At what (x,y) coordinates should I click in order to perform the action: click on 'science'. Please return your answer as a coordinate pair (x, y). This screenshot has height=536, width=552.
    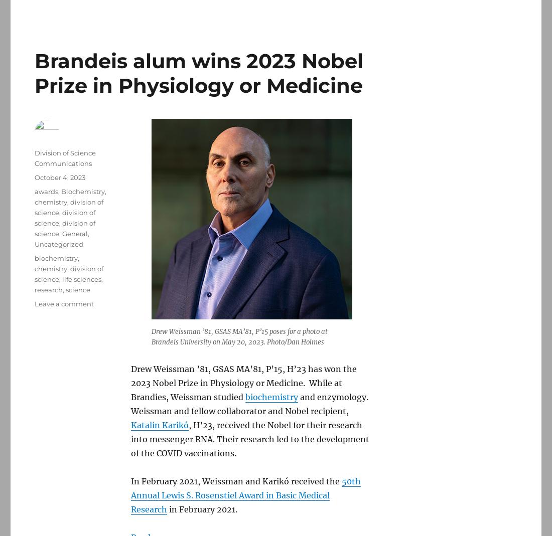
    Looking at the image, I should click on (77, 290).